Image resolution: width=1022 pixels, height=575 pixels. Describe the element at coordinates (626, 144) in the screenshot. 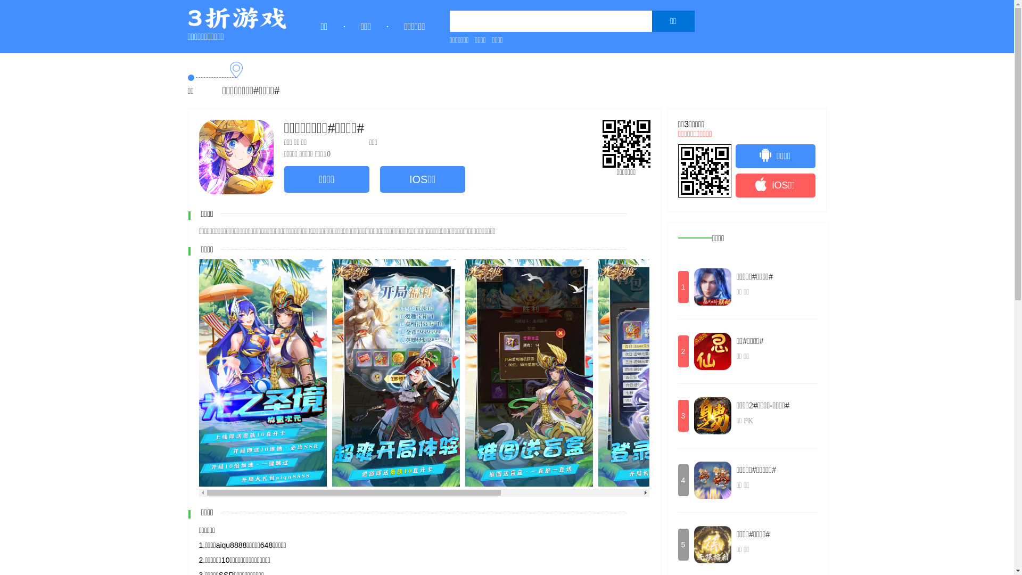

I see `'http://www.3zhe.com/'` at that location.